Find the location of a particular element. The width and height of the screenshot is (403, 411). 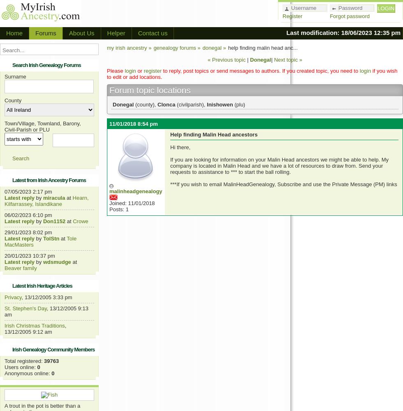

'20/01/2023 10:37 pm' is located at coordinates (30, 255).